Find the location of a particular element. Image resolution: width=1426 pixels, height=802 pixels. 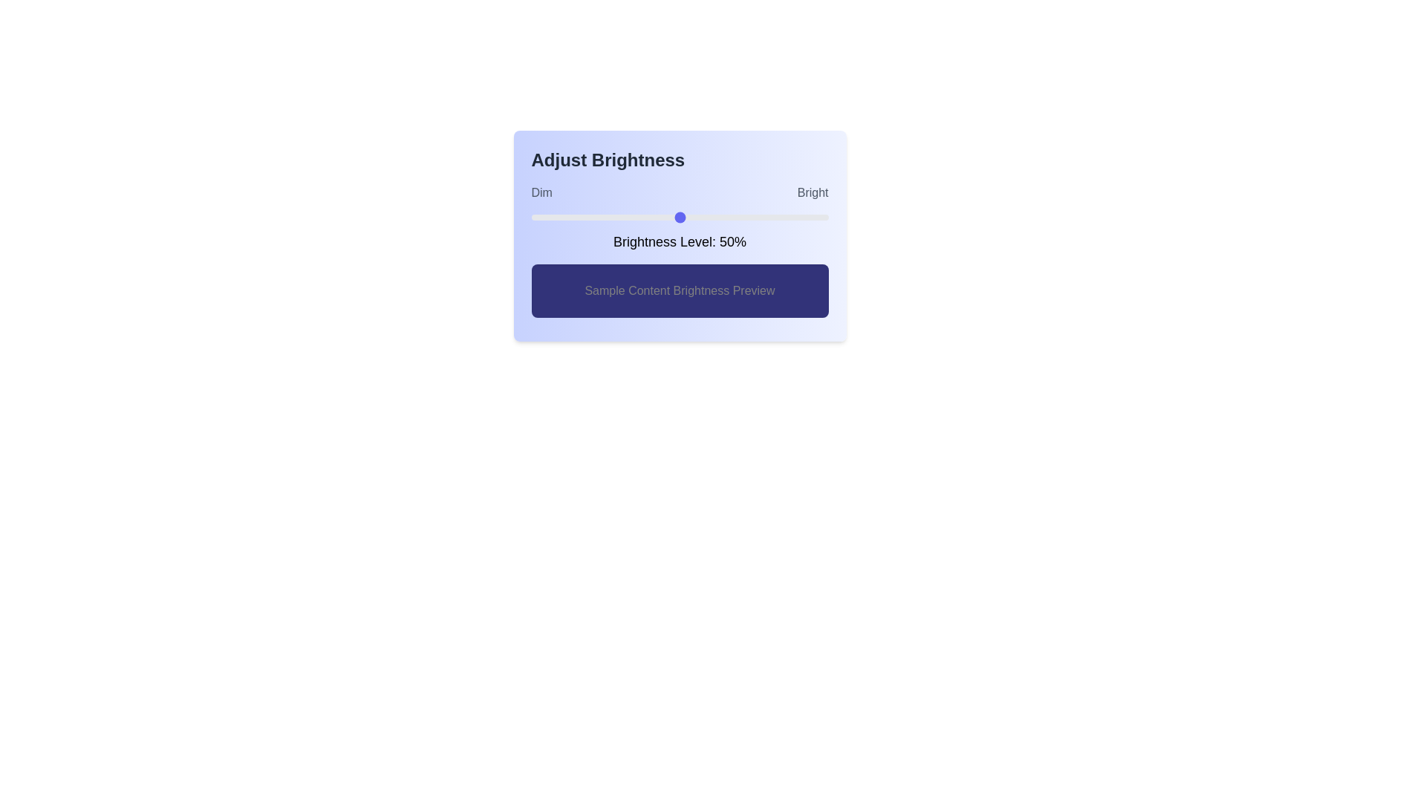

the brightness level to 99% by dragging the slider is located at coordinates (824, 218).